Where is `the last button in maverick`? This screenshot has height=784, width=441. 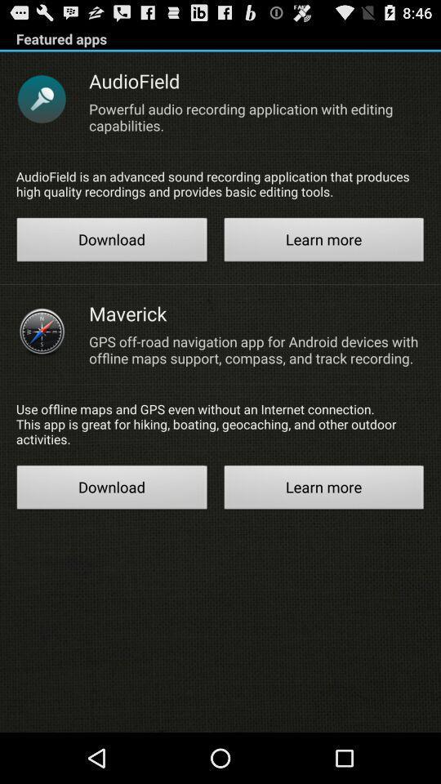 the last button in maverick is located at coordinates (324, 489).